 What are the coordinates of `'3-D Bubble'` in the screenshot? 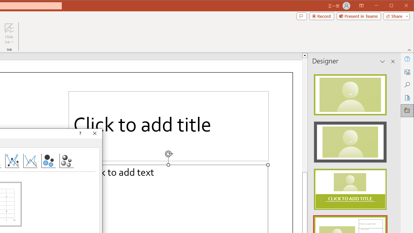 It's located at (67, 160).